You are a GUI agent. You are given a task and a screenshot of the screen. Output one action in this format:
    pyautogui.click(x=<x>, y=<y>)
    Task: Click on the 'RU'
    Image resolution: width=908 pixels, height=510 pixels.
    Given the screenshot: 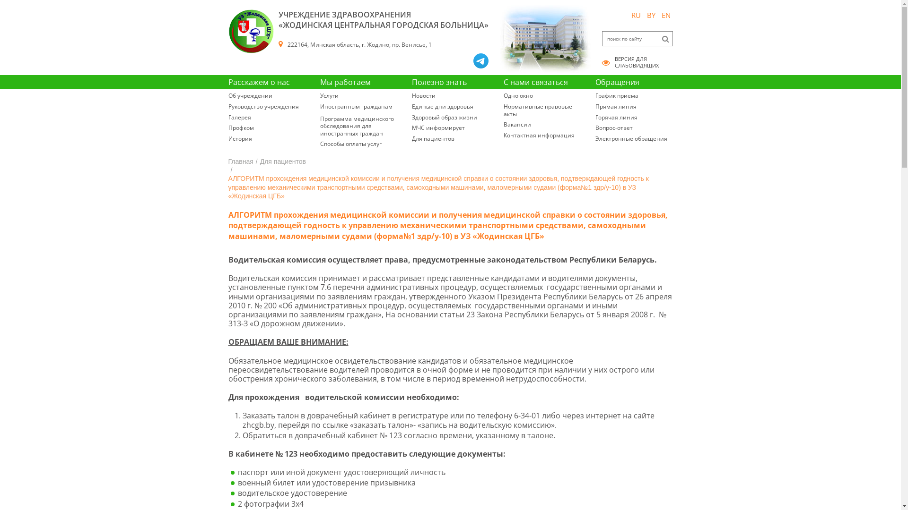 What is the action you would take?
    pyautogui.click(x=629, y=15)
    